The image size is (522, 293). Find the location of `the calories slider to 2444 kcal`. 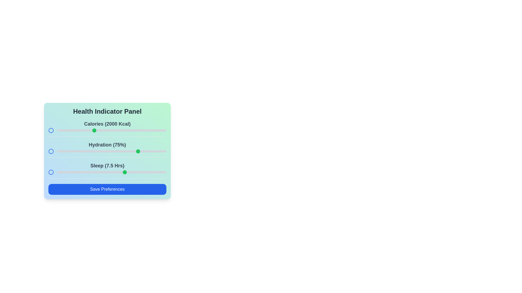

the calories slider to 2444 kcal is located at coordinates (125, 130).